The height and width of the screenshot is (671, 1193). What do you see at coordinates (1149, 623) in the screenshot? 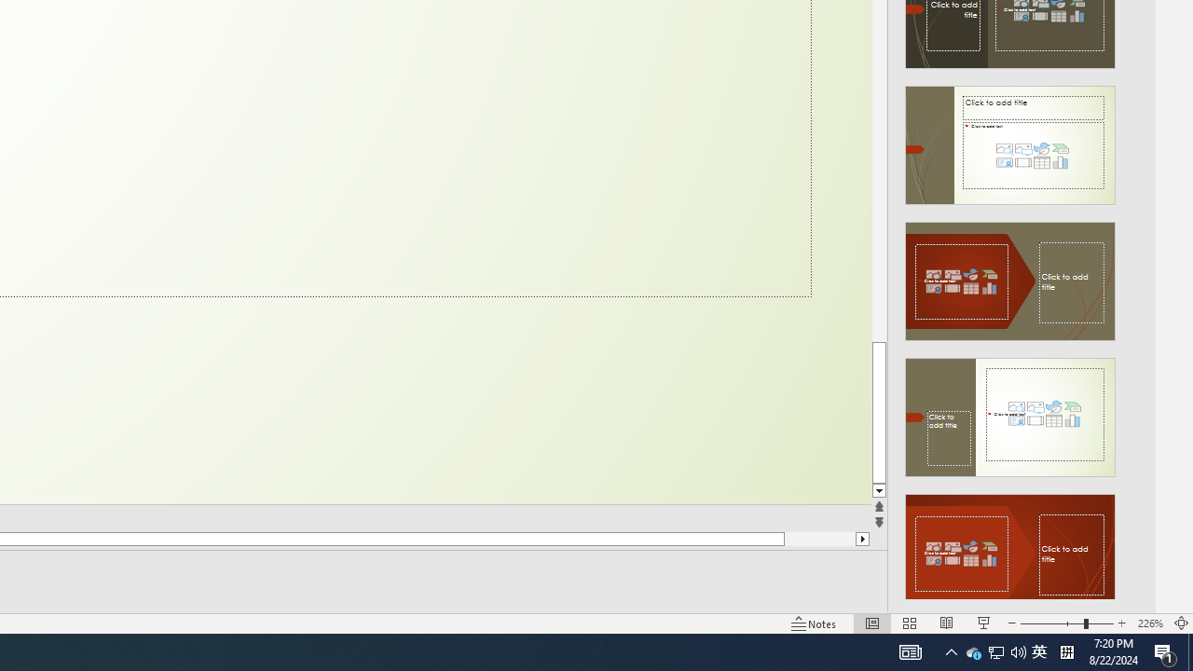
I see `'Zoom 226%'` at bounding box center [1149, 623].